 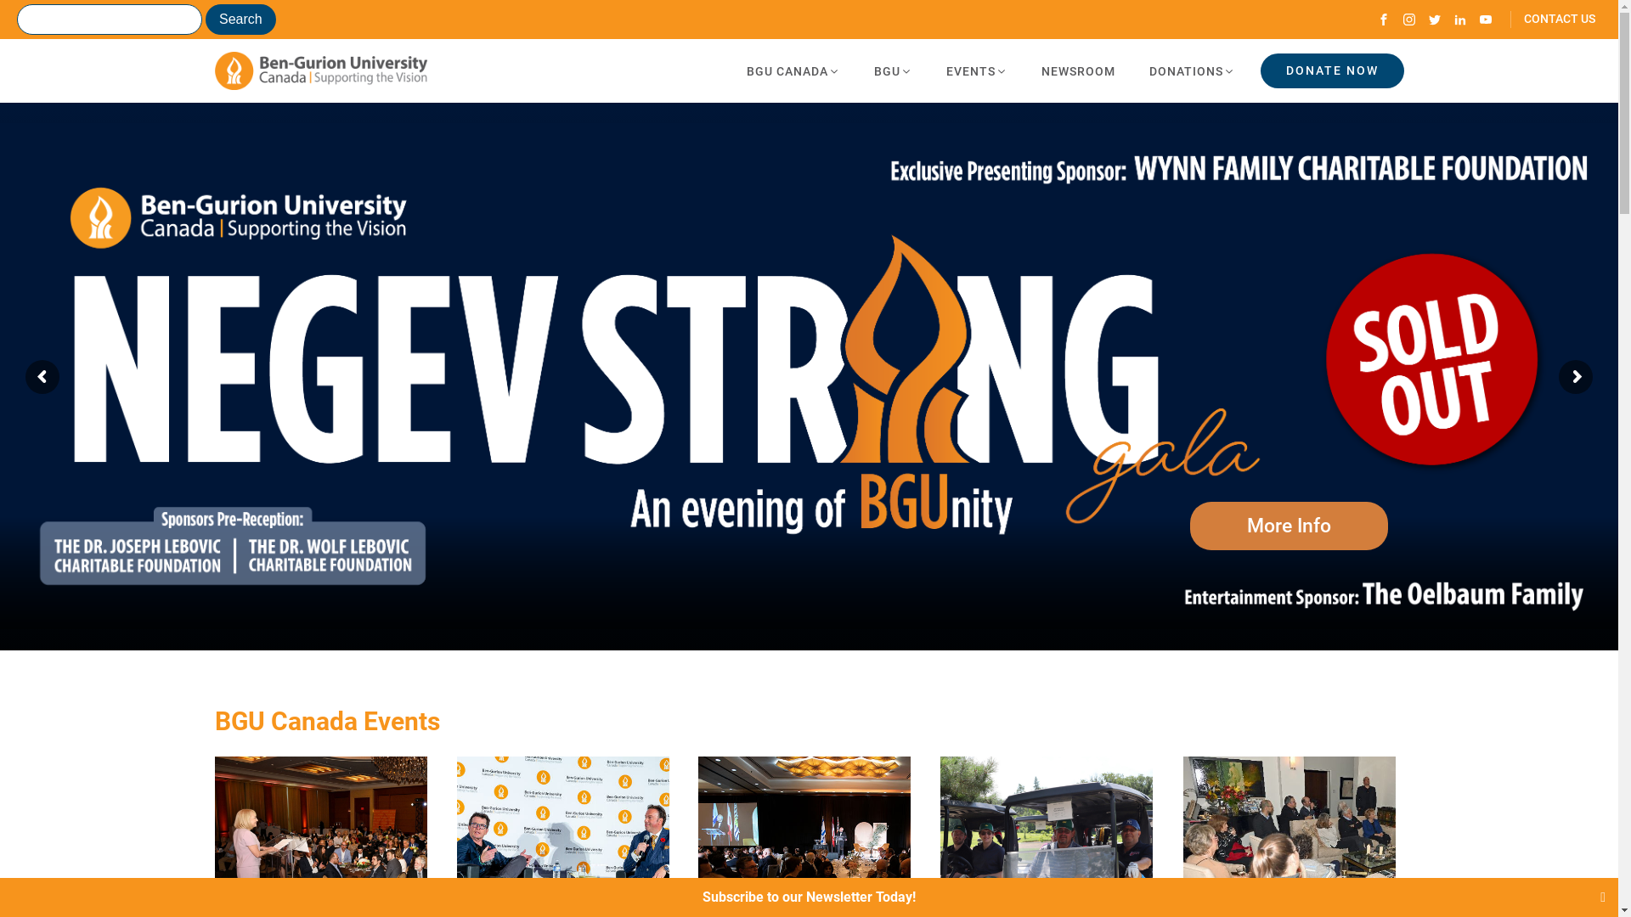 What do you see at coordinates (1553, 20) in the screenshot?
I see `'CONTACT US'` at bounding box center [1553, 20].